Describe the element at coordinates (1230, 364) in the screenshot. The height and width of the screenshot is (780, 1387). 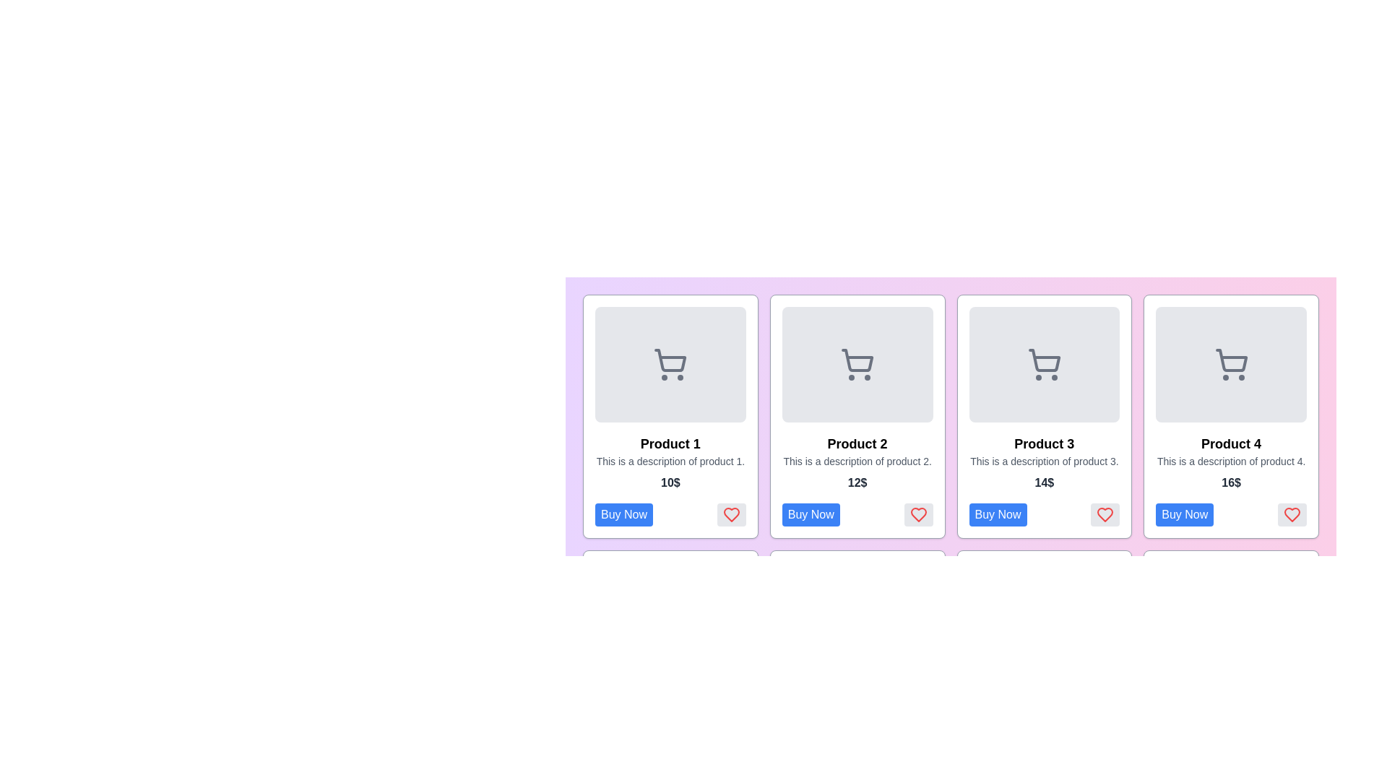
I see `the shopping icon within the product card for 'Product 4', which is the fourth card in the horizontal sequence` at that location.